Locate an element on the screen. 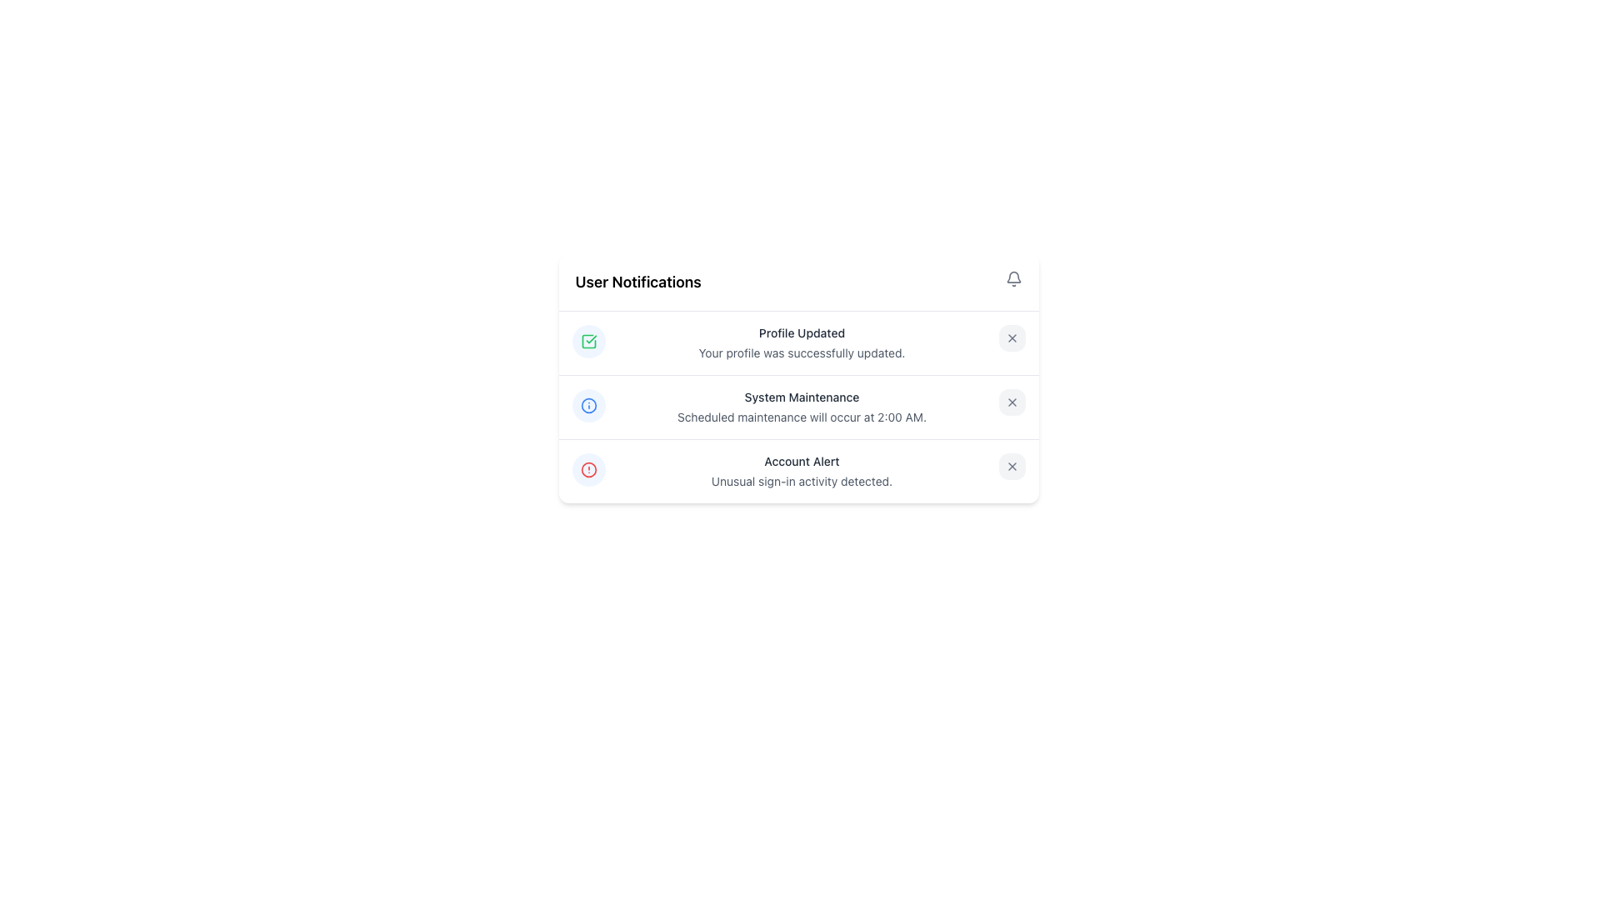 This screenshot has height=900, width=1600. the notification text block displaying 'System Maintenance' with the description 'Scheduled maintenance will occur at 2:00 AM.' is located at coordinates (802, 407).